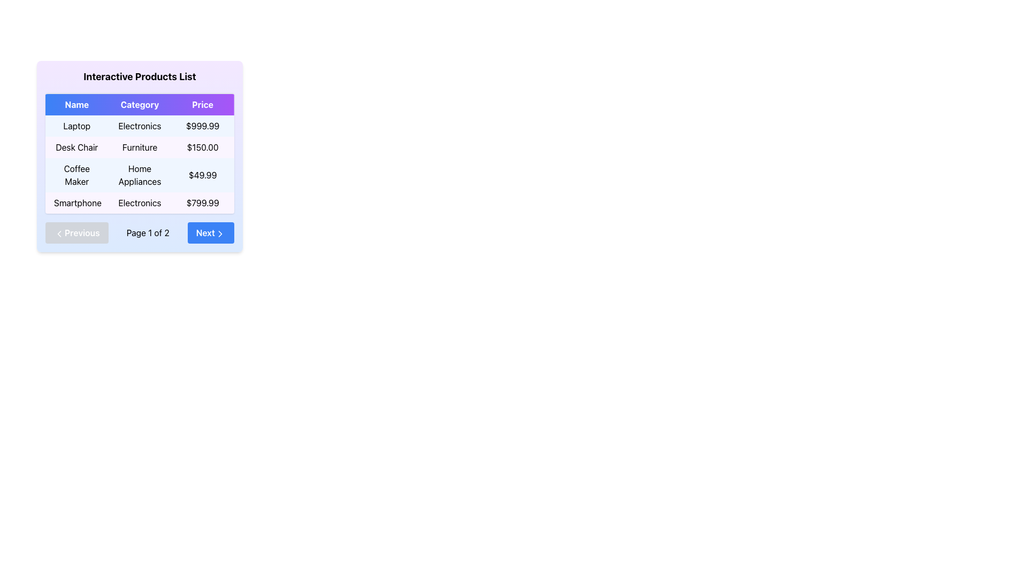  Describe the element at coordinates (211, 232) in the screenshot. I see `the 'Next' button located at the bottom right corner of the 'Interactive Products List' panel` at that location.